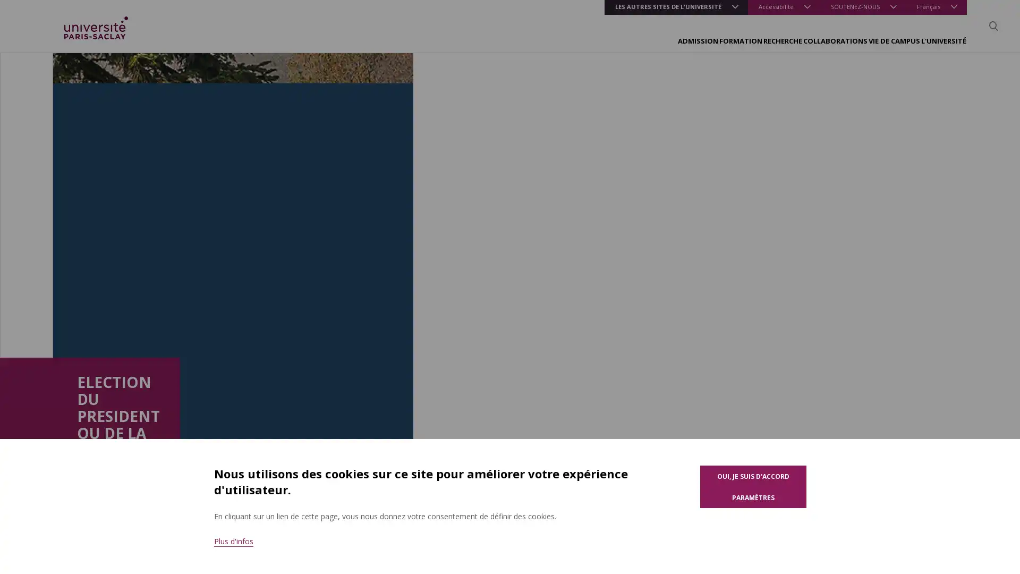  Describe the element at coordinates (757, 36) in the screenshot. I see `COLLABORATIONS` at that location.